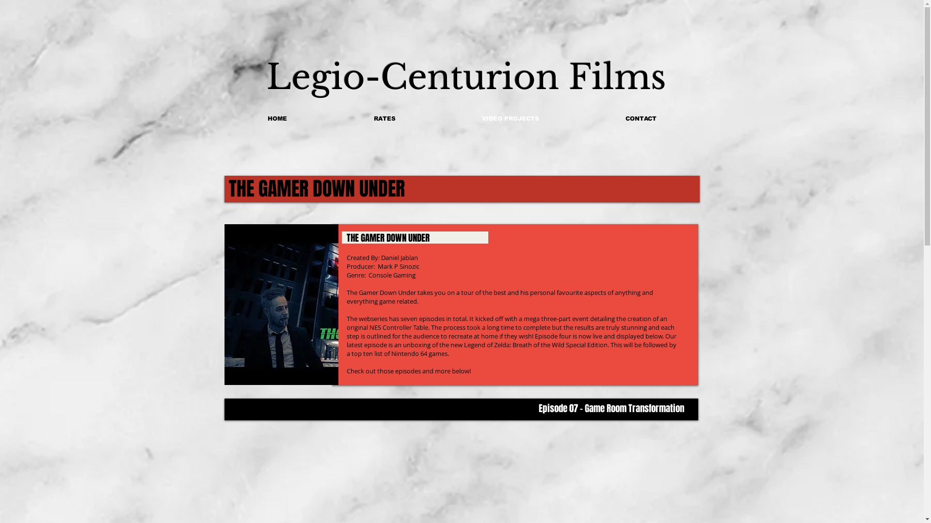 This screenshot has height=523, width=931. What do you see at coordinates (276, 118) in the screenshot?
I see `'HOME'` at bounding box center [276, 118].